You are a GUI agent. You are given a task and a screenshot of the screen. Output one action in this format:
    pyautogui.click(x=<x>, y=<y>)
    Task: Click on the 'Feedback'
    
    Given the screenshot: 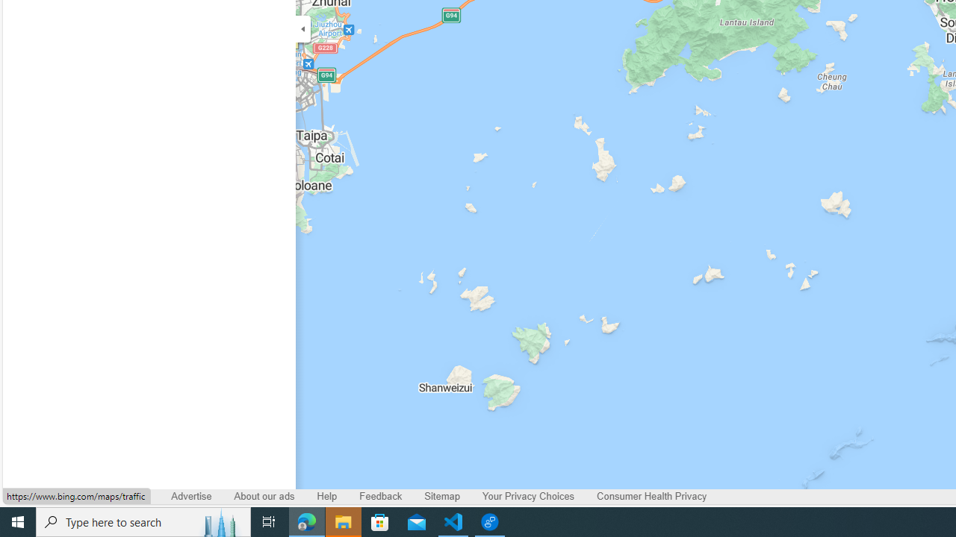 What is the action you would take?
    pyautogui.click(x=381, y=496)
    